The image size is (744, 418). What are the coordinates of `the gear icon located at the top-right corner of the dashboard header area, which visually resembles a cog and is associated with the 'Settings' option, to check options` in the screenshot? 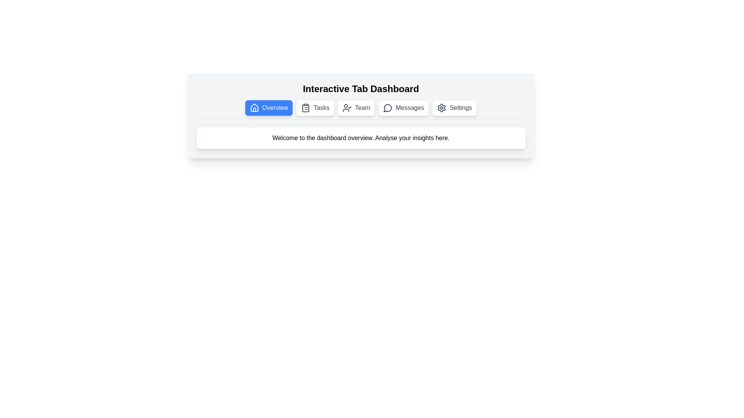 It's located at (442, 108).